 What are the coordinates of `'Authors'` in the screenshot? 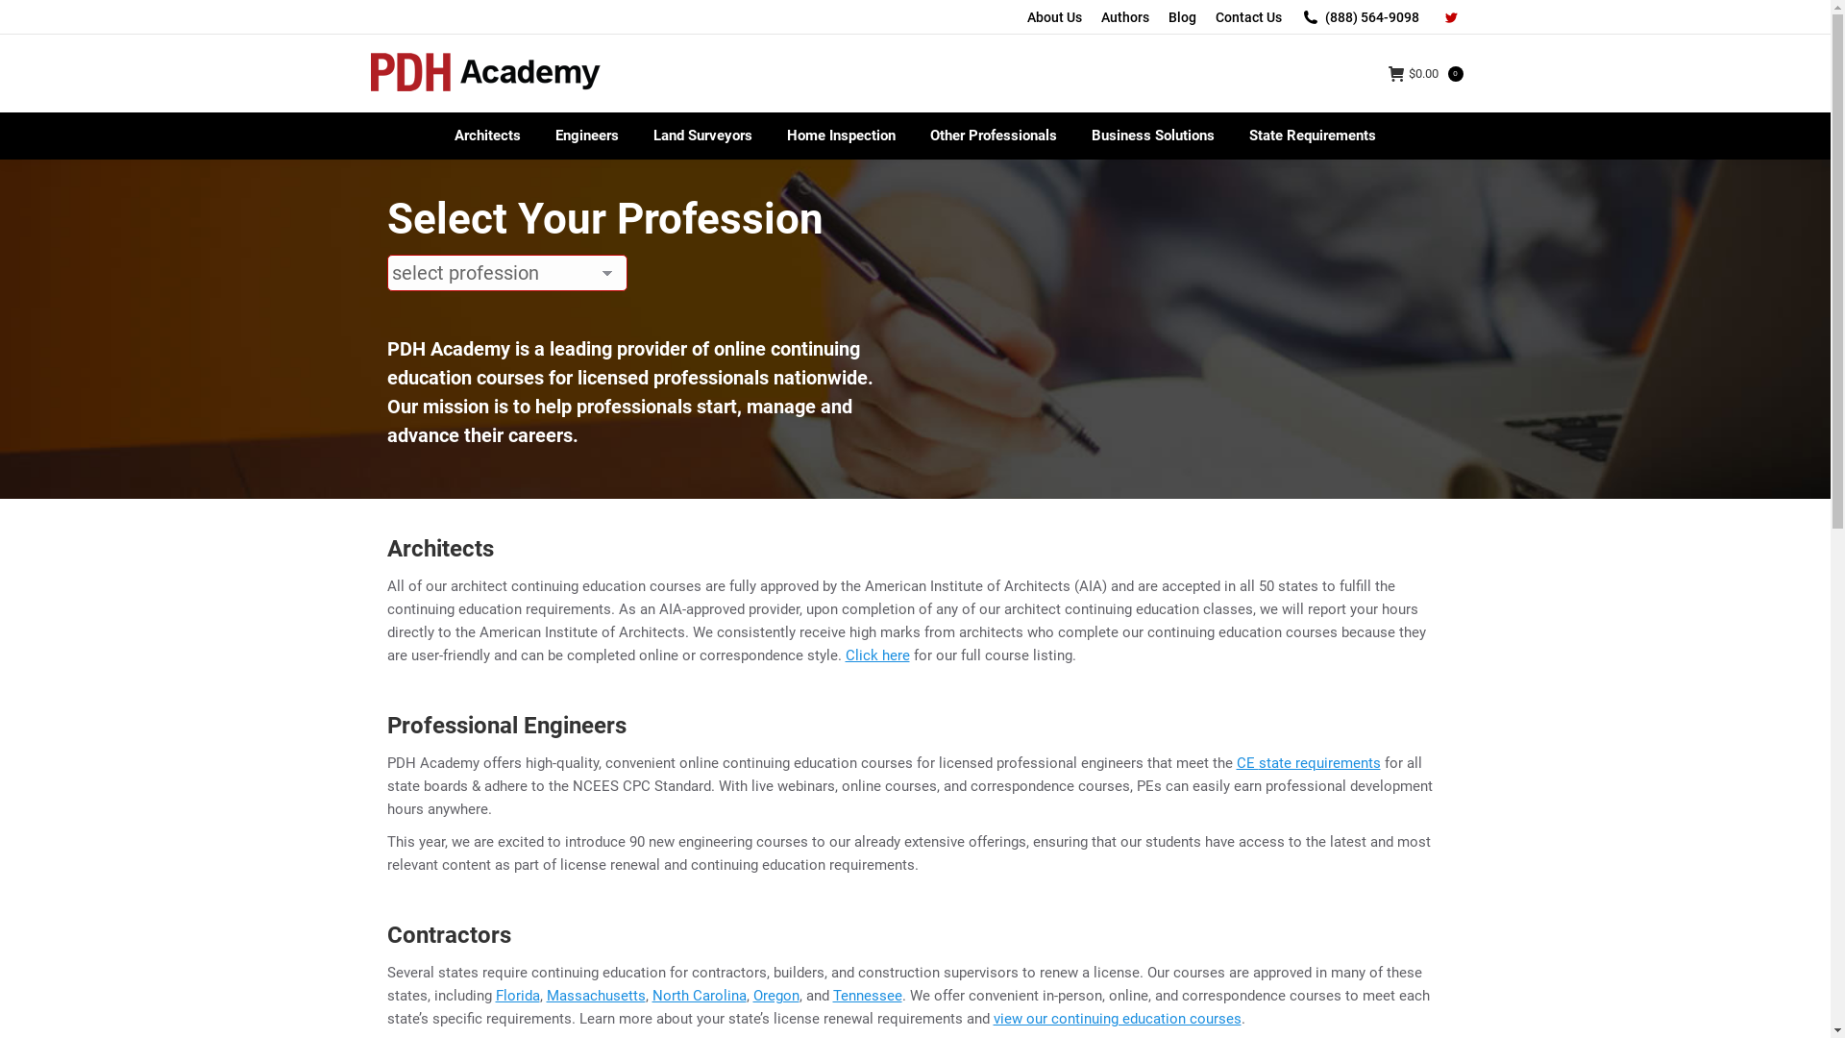 It's located at (1125, 17).